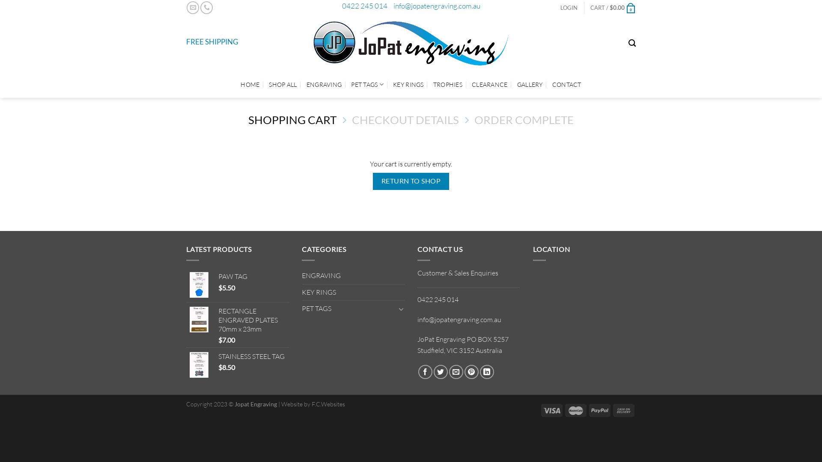  Describe the element at coordinates (192, 7) in the screenshot. I see `'Send us an email'` at that location.